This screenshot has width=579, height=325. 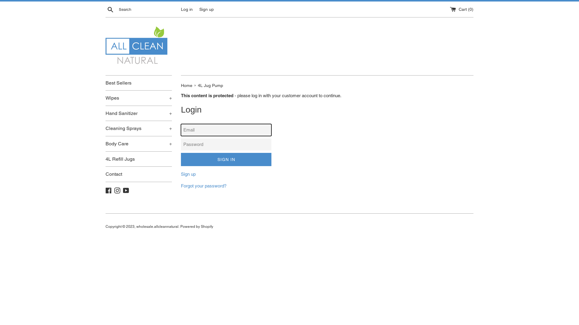 What do you see at coordinates (138, 159) in the screenshot?
I see `'4L Refill Jugs'` at bounding box center [138, 159].